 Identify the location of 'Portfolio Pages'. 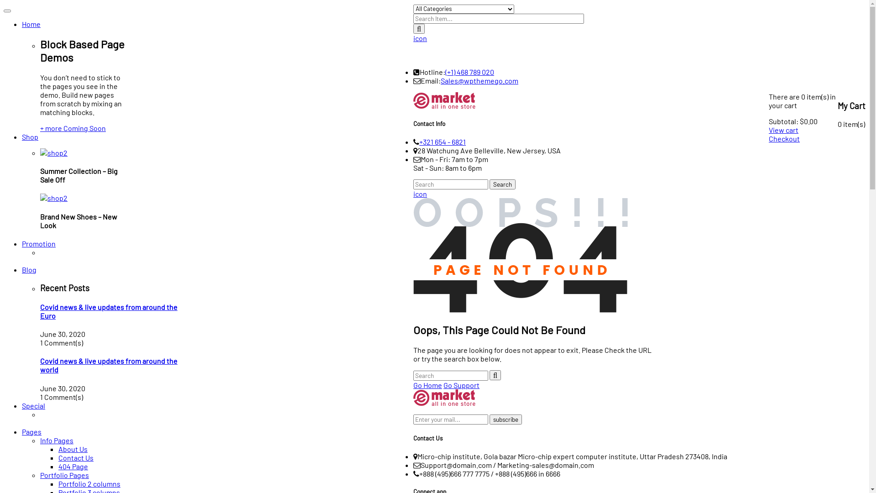
(64, 474).